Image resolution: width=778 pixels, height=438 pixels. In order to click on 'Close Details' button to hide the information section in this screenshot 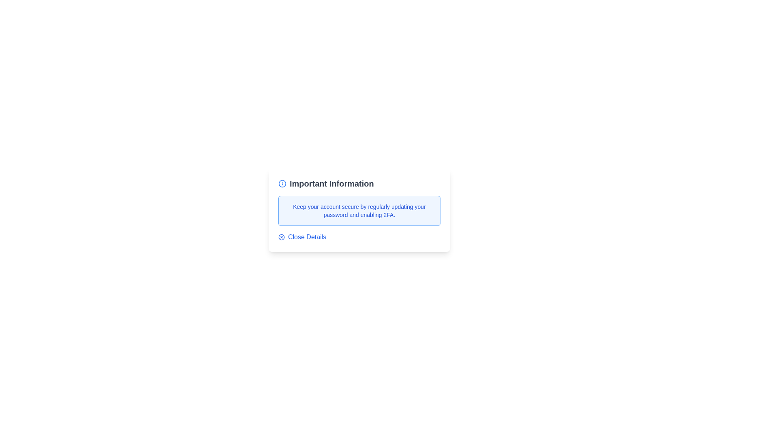, I will do `click(301, 237)`.